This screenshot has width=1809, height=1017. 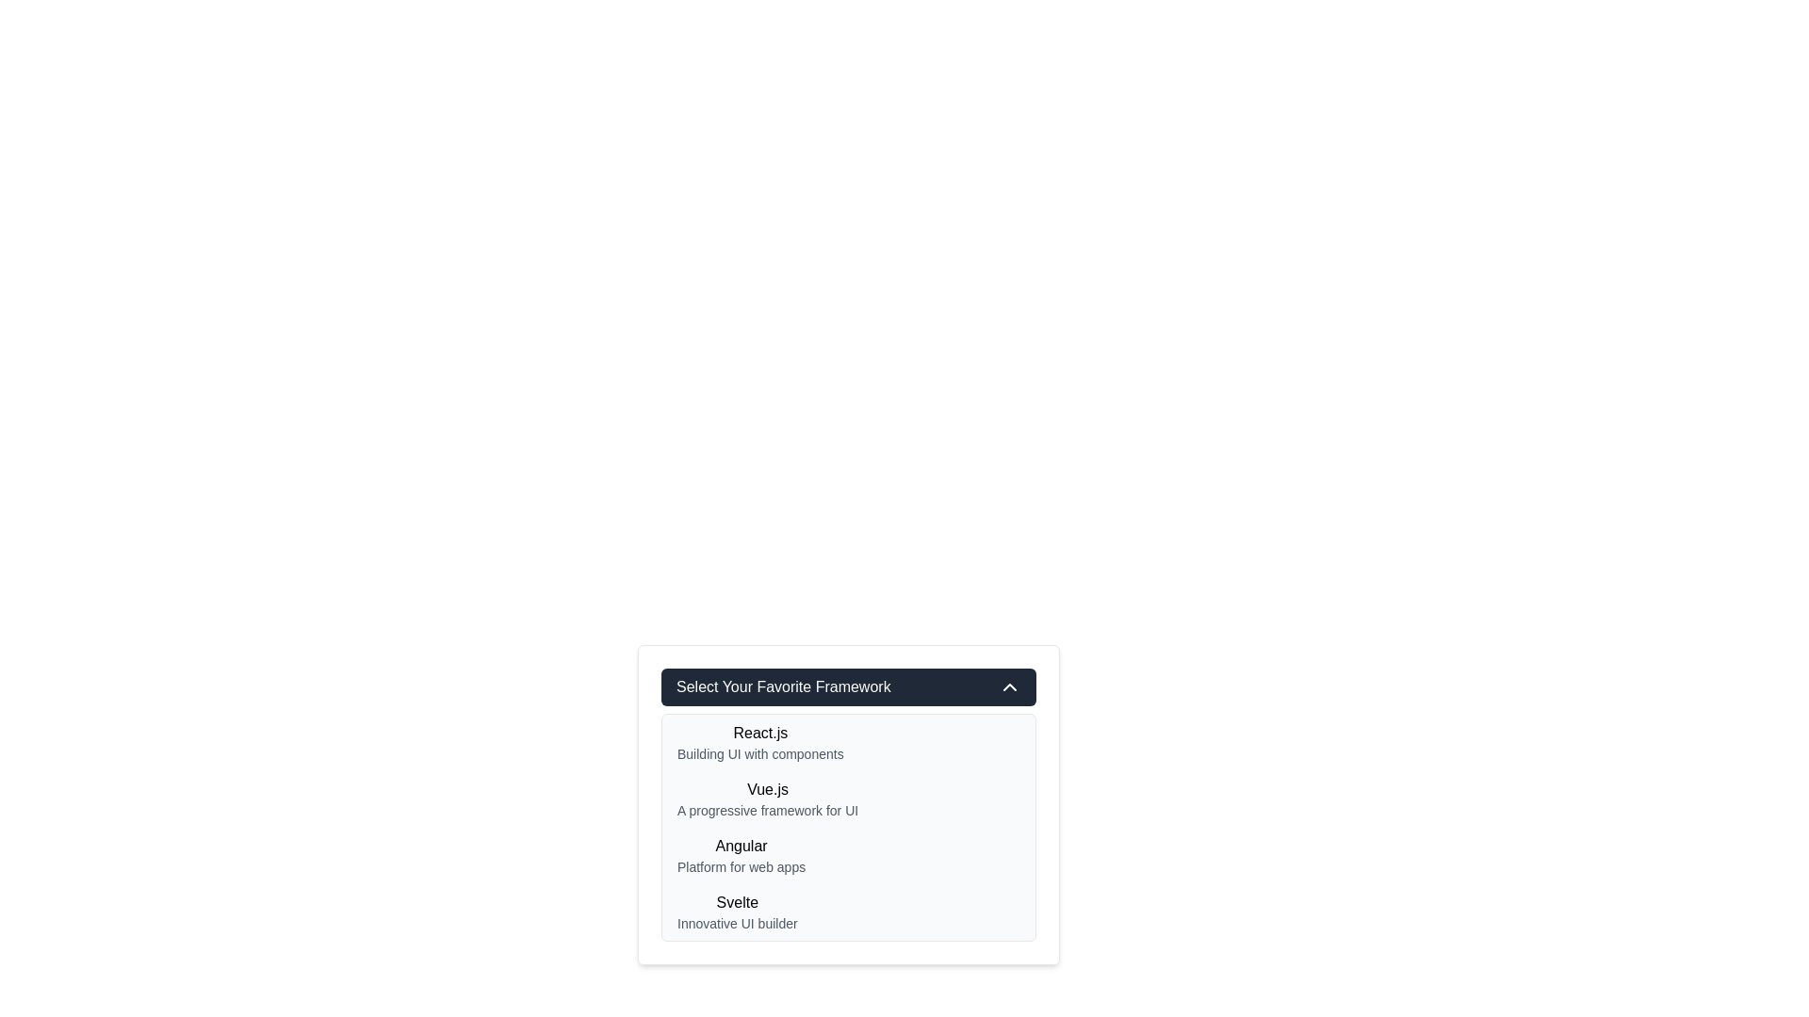 I want to click on the static text indicating 'Vue.js' within the dropdown menu titled 'Select Your Favorite Framework', which is the second item listed after 'React.js', so click(x=768, y=790).